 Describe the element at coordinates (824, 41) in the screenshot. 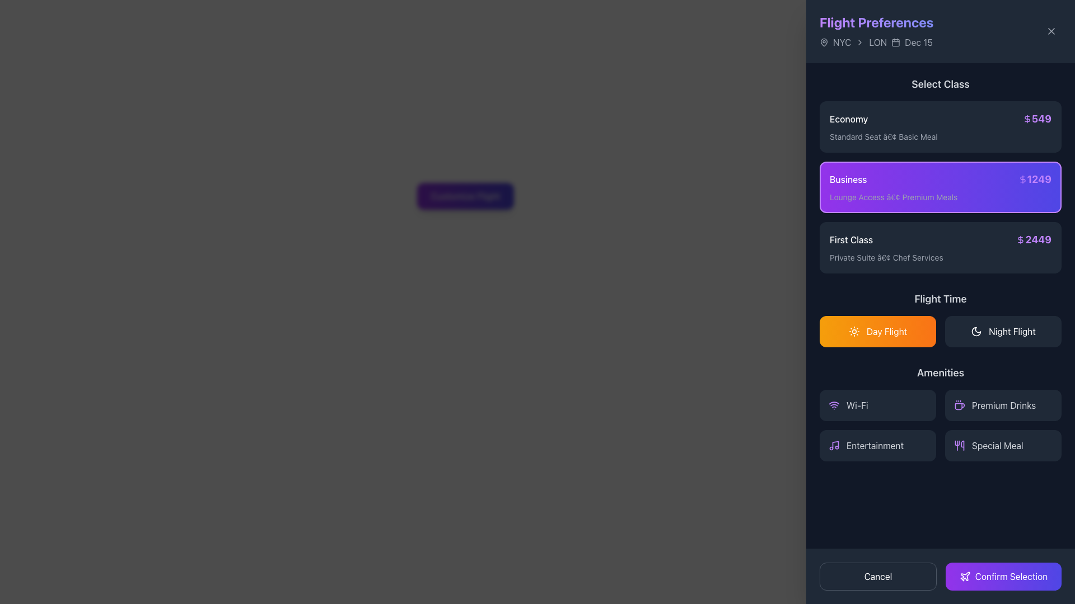

I see `the location marker icon represented by a pin-shaped design located in the top-left corner of the flight information panel, just before the text 'NYC'` at that location.